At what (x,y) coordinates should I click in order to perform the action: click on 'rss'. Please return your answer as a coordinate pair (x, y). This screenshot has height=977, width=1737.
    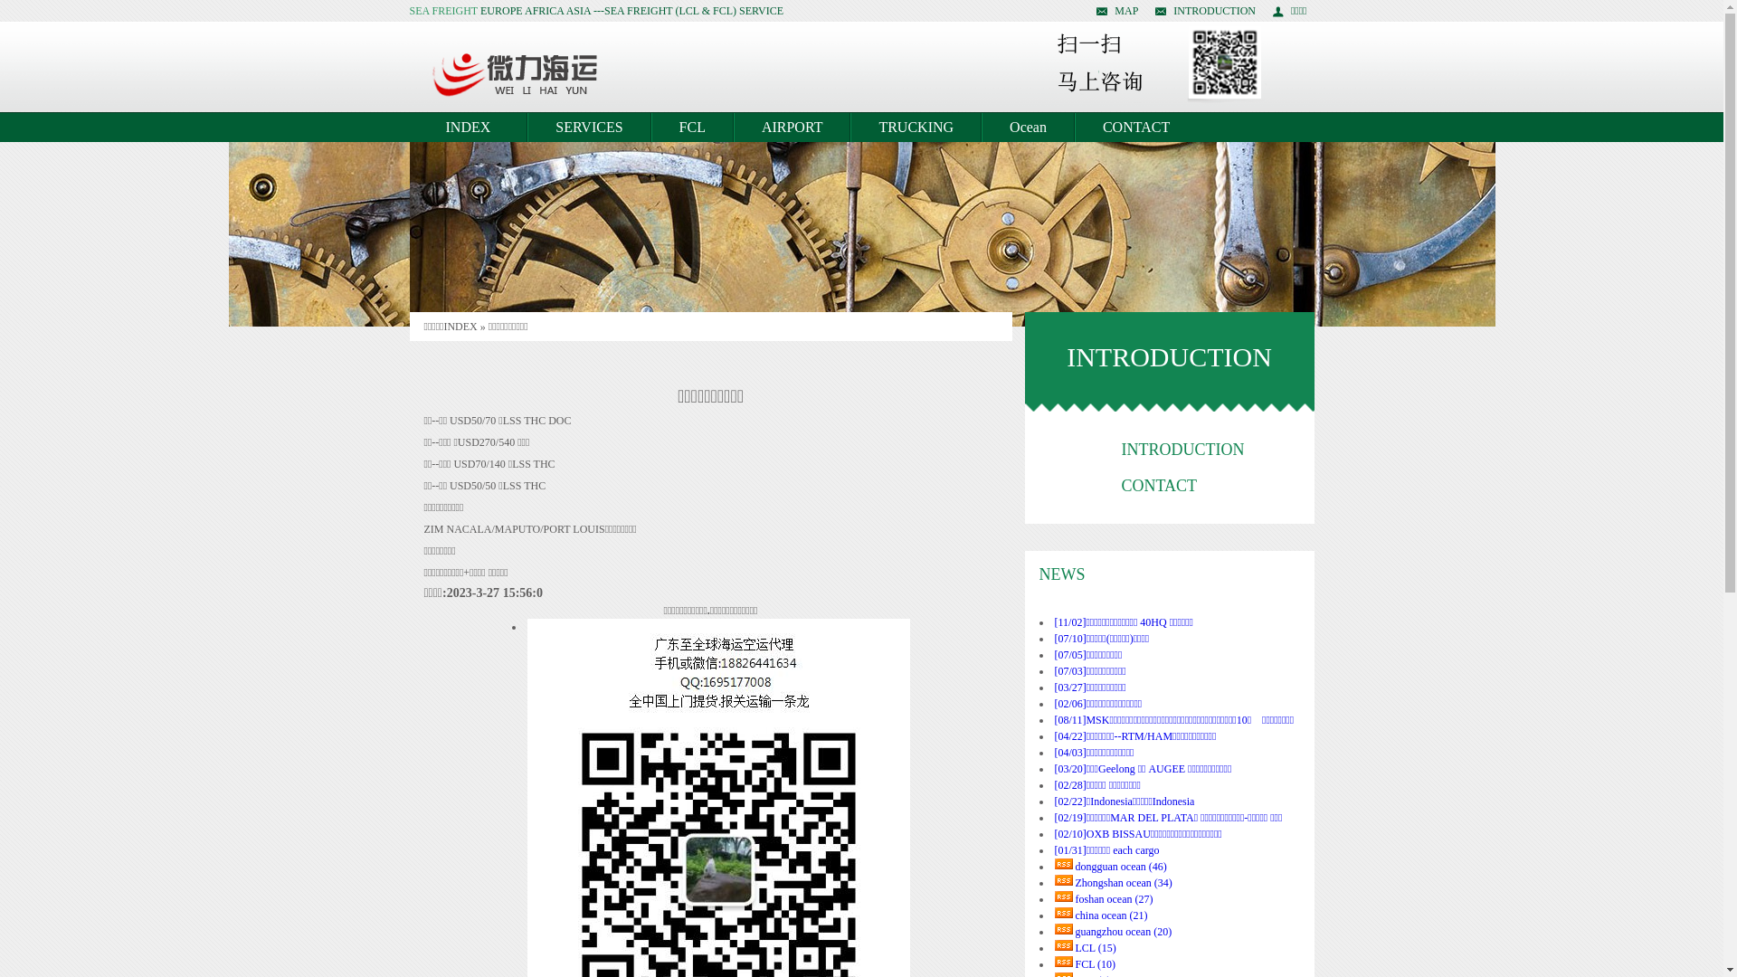
    Looking at the image, I should click on (1055, 928).